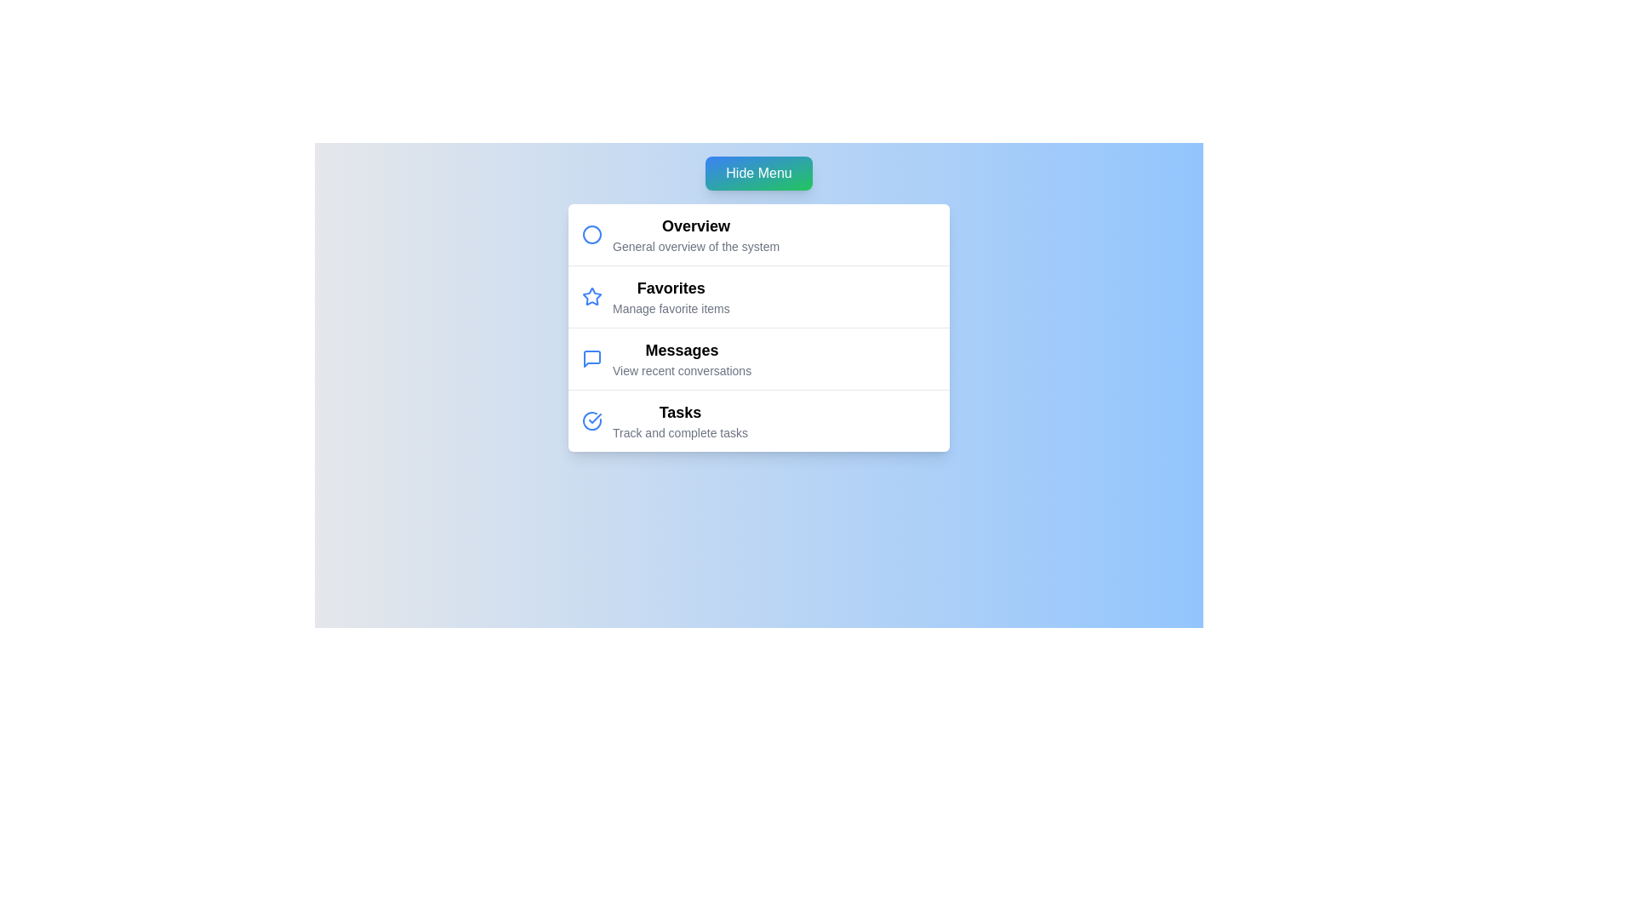 The height and width of the screenshot is (919, 1634). Describe the element at coordinates (682, 350) in the screenshot. I see `the menu item labeled Messages` at that location.